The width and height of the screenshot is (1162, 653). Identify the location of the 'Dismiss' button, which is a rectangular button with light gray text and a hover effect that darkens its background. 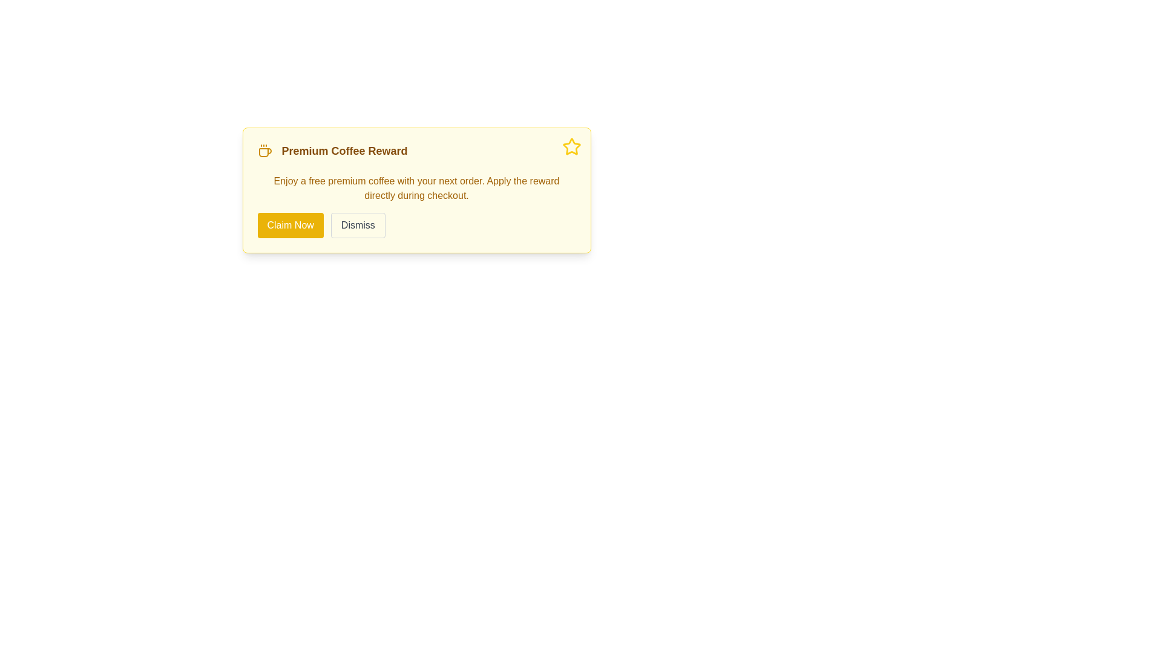
(357, 226).